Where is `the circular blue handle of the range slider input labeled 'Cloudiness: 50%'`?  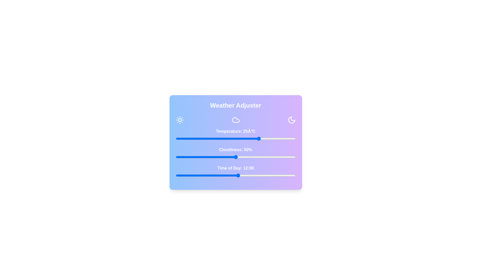 the circular blue handle of the range slider input labeled 'Cloudiness: 50%' is located at coordinates (235, 157).